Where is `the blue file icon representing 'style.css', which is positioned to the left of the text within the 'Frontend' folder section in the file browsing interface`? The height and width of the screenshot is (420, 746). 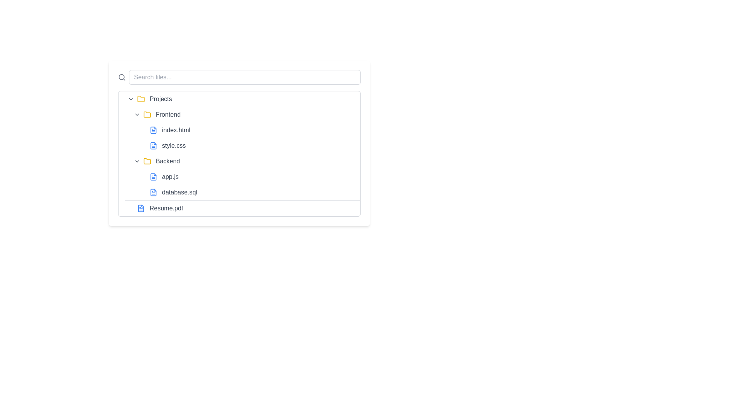 the blue file icon representing 'style.css', which is positioned to the left of the text within the 'Frontend' folder section in the file browsing interface is located at coordinates (153, 145).